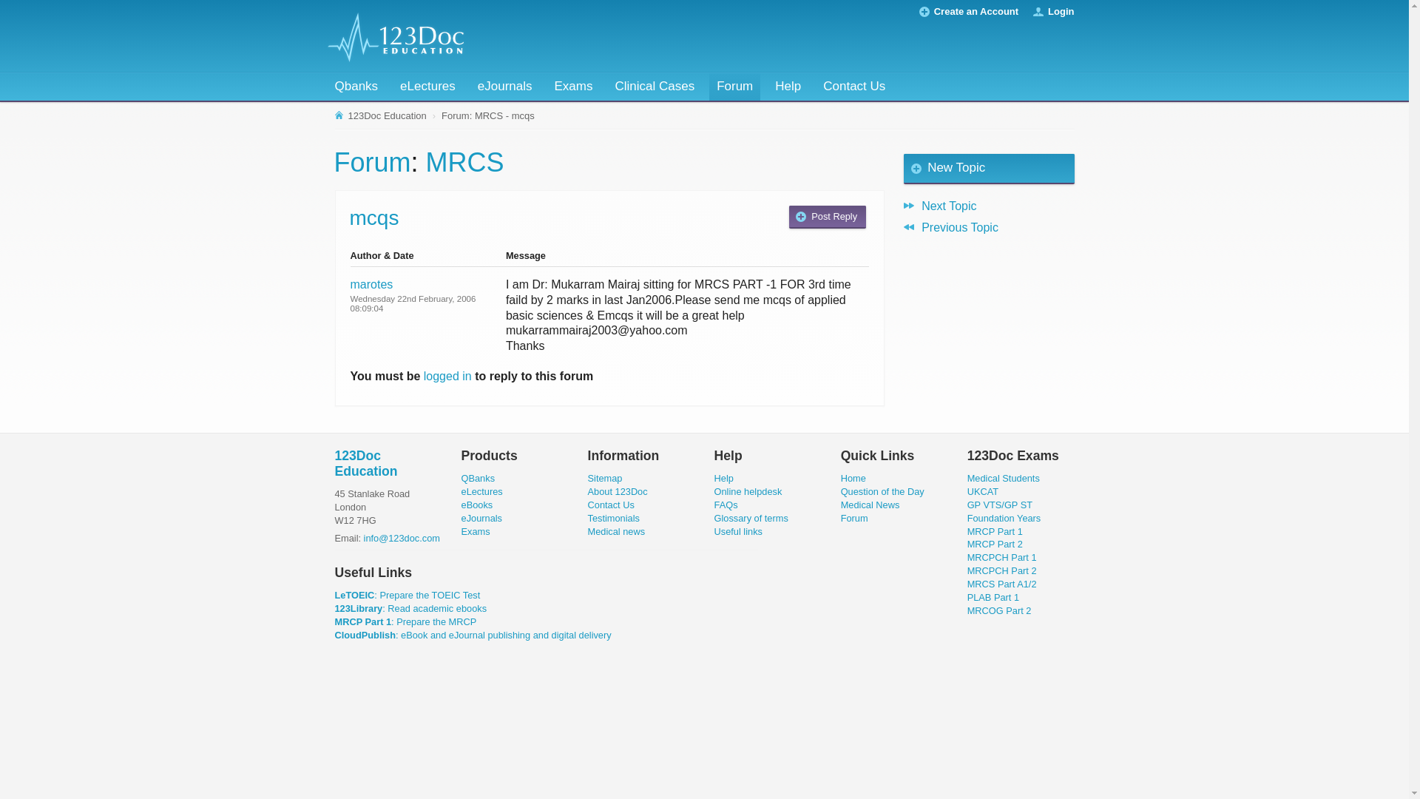  Describe the element at coordinates (482, 517) in the screenshot. I see `'eJournals'` at that location.